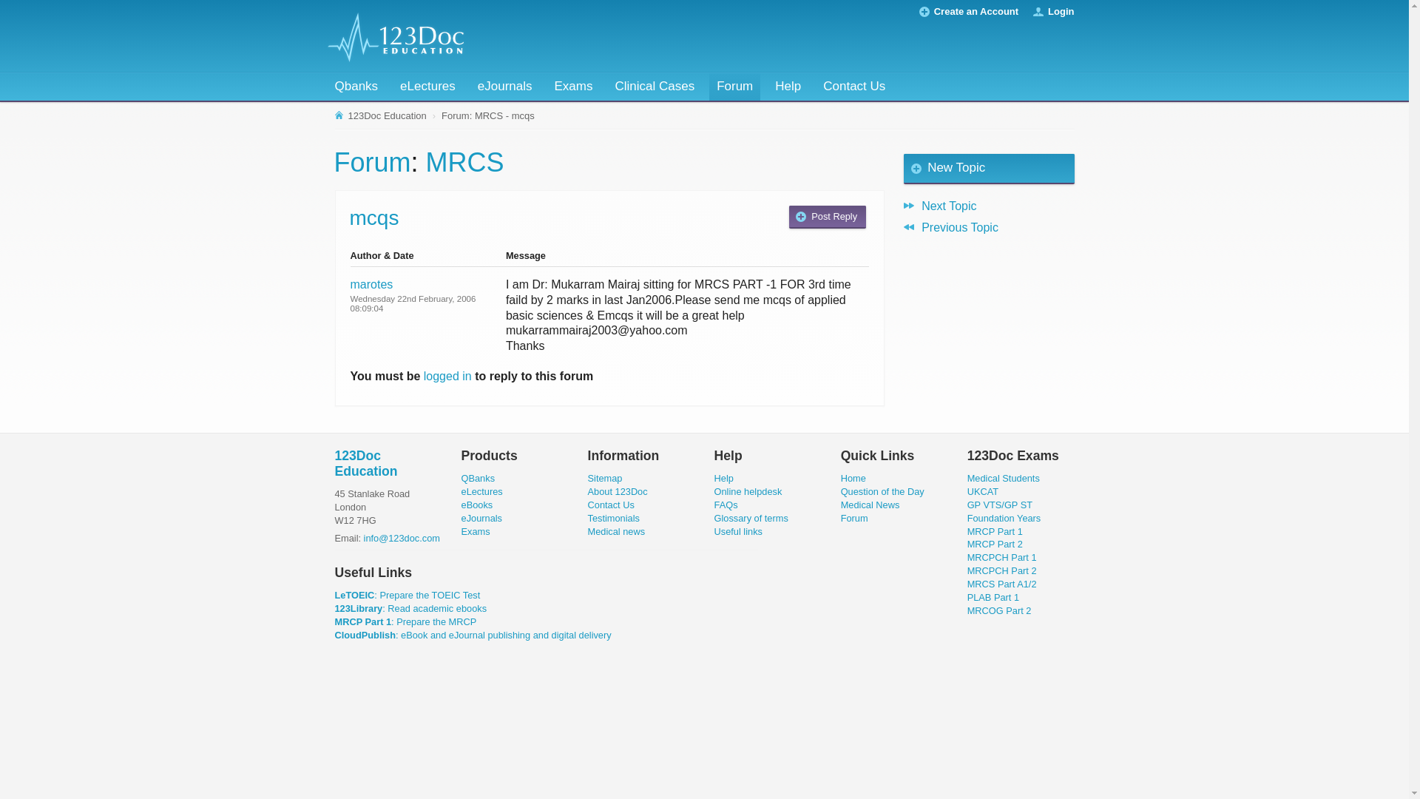  Describe the element at coordinates (482, 517) in the screenshot. I see `'eJournals'` at that location.